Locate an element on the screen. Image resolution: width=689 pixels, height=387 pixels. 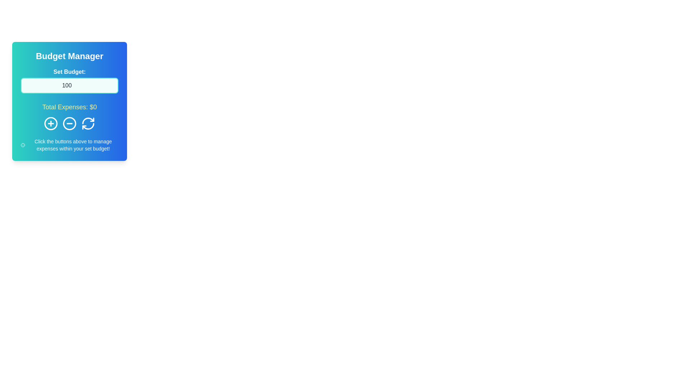
the refresh icon button located in the horizontal row of three icons, positioned to the right of the plus and minus icons, below the 'Total Expenses: $0' text is located at coordinates (88, 123).